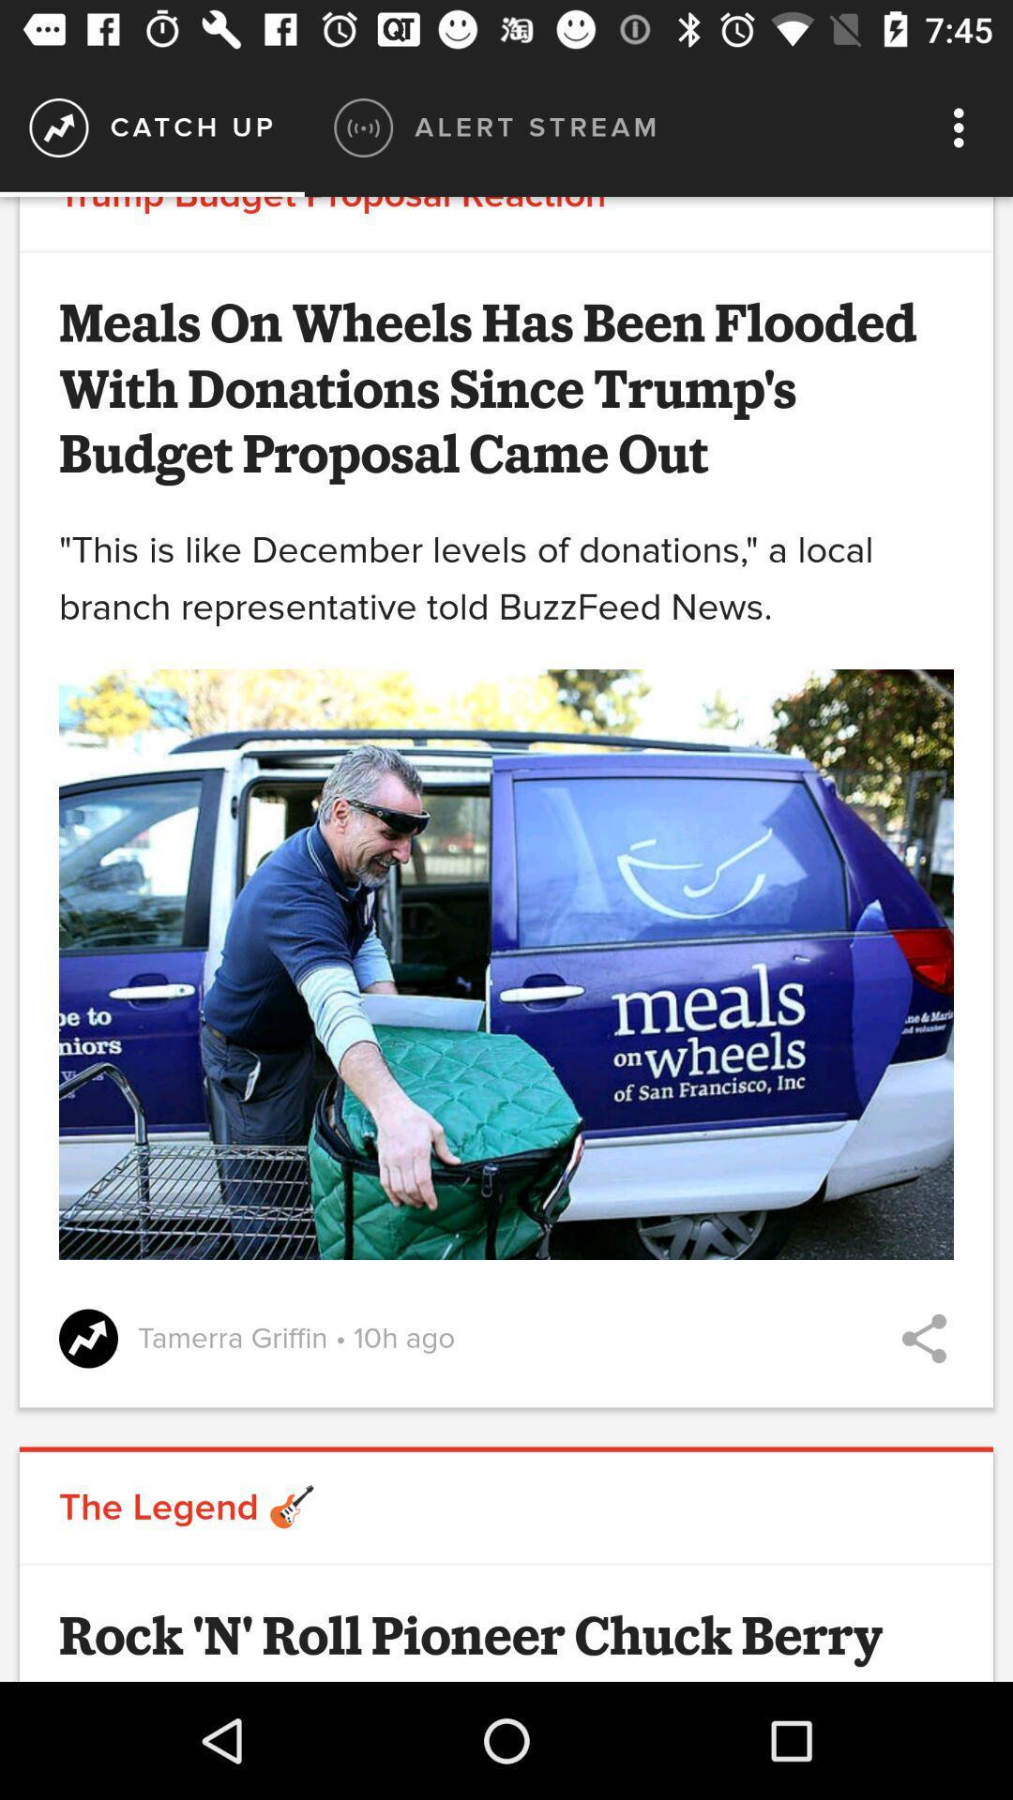 This screenshot has width=1013, height=1800. What do you see at coordinates (963, 127) in the screenshot?
I see `icon at the top right corner` at bounding box center [963, 127].